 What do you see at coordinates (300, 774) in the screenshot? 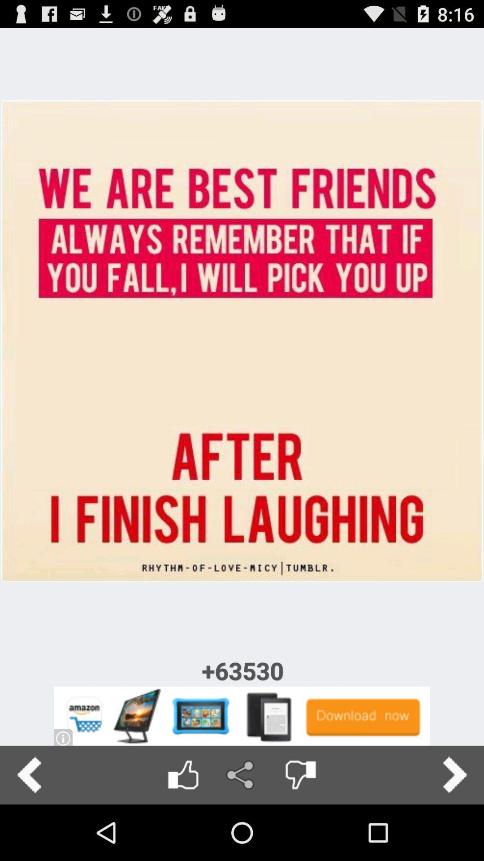
I see `dislike` at bounding box center [300, 774].